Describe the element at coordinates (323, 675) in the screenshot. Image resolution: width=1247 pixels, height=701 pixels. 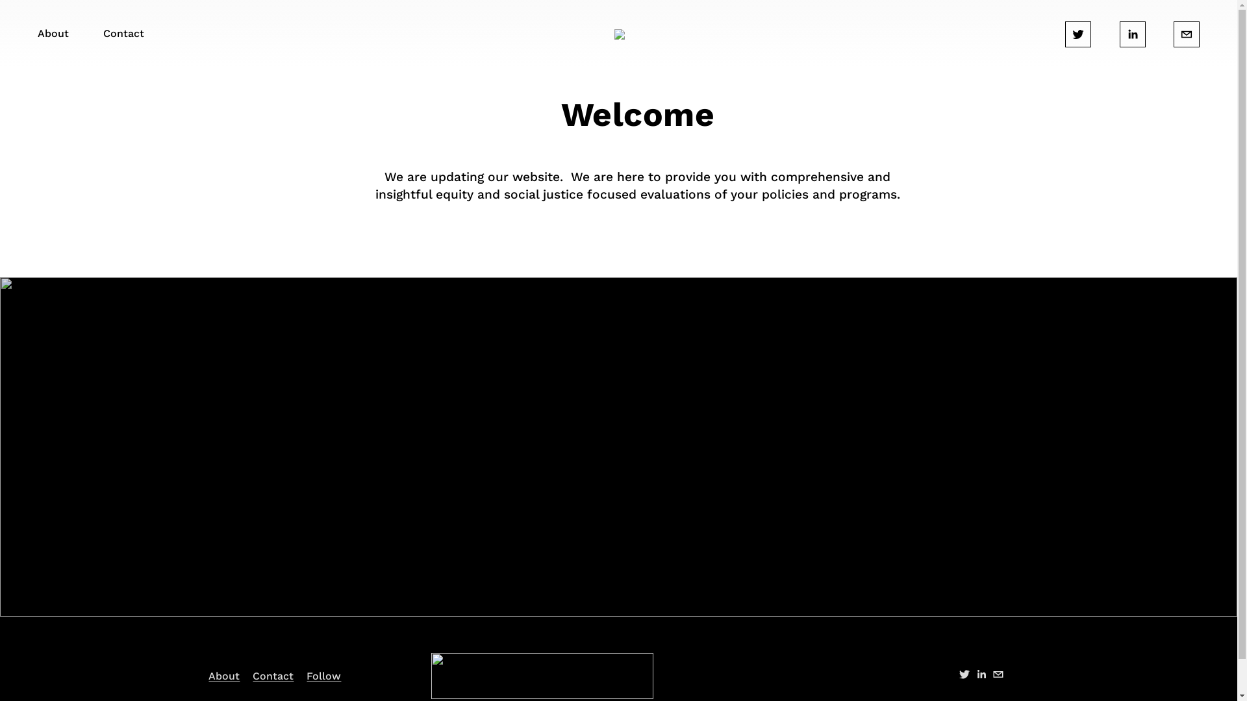
I see `'Follow'` at that location.